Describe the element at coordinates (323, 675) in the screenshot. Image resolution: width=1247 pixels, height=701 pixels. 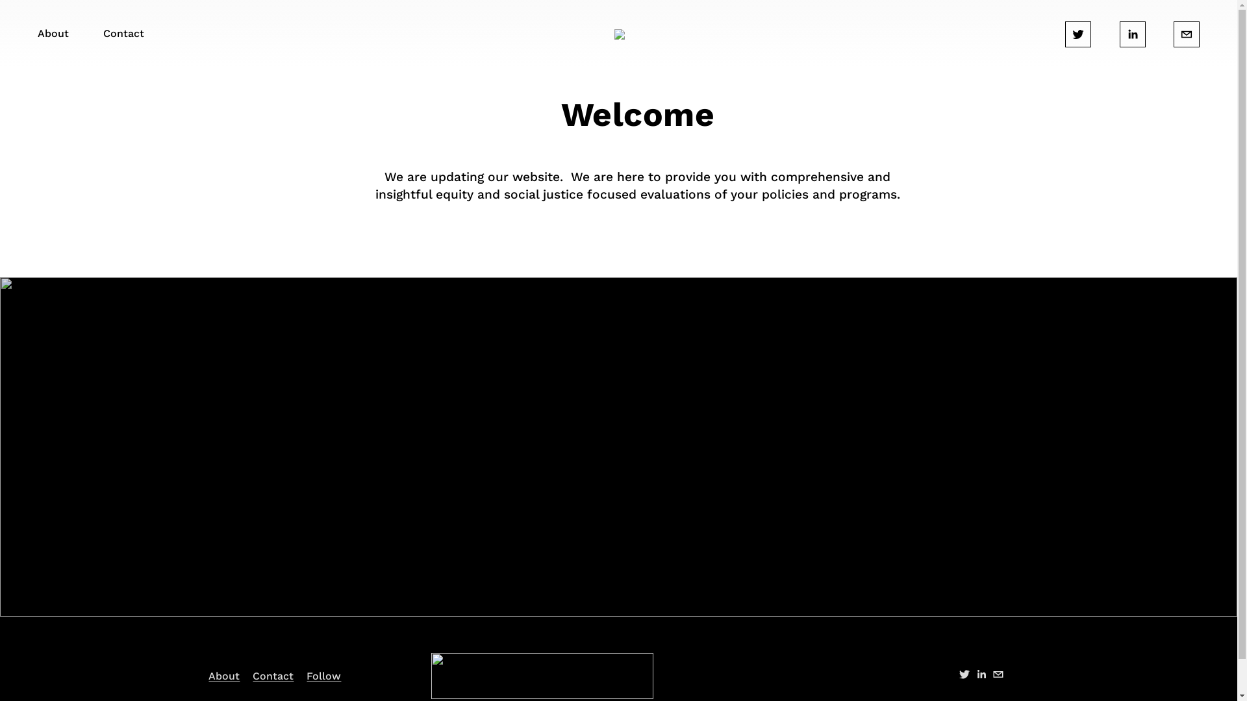
I see `'Follow'` at that location.